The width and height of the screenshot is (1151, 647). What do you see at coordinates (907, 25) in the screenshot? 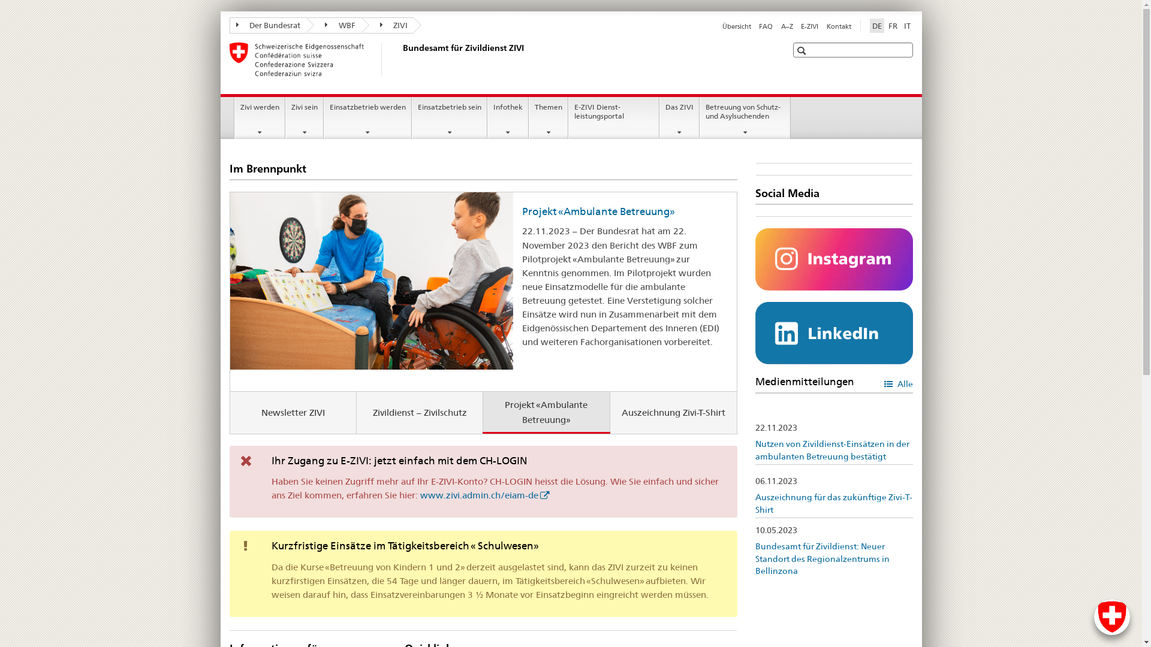
I see `'IT'` at bounding box center [907, 25].